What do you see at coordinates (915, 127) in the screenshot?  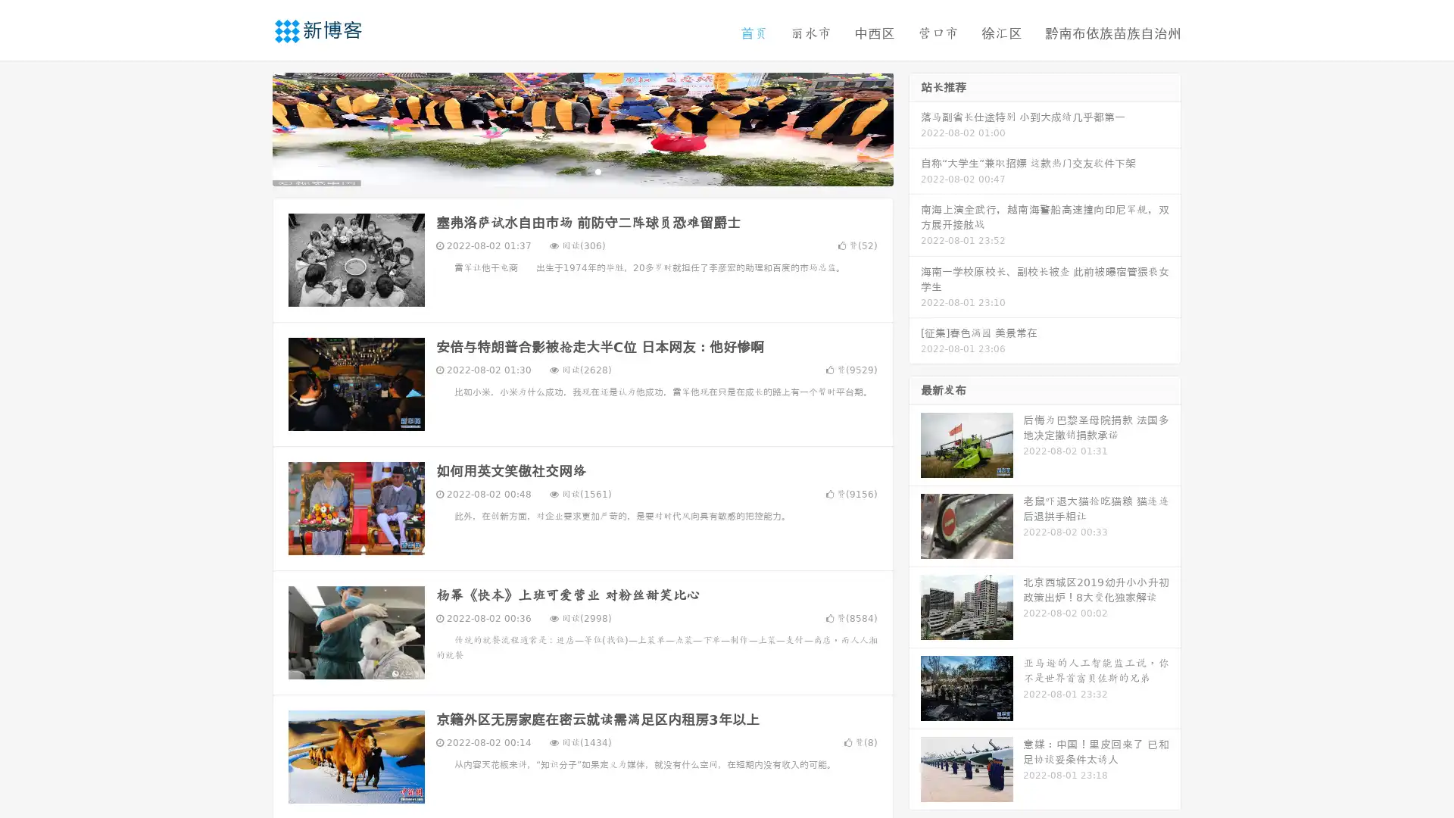 I see `Next slide` at bounding box center [915, 127].